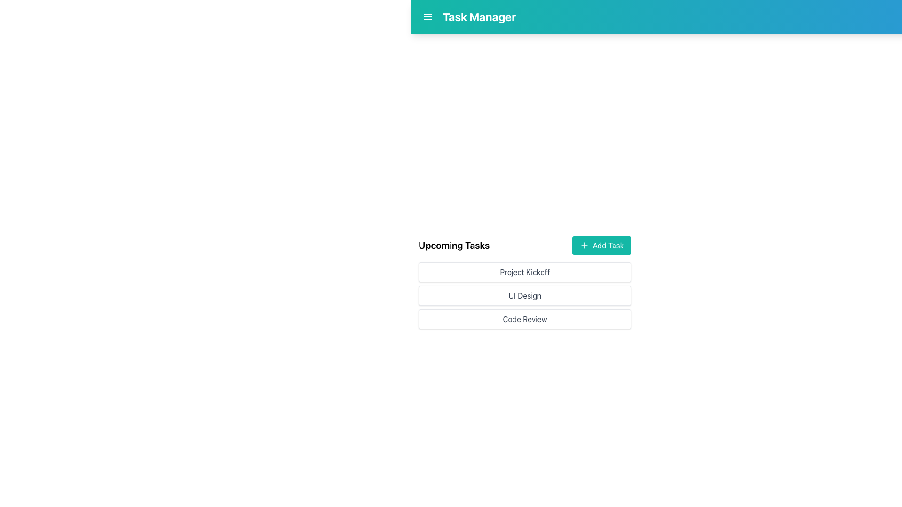 The image size is (902, 507). What do you see at coordinates (601, 245) in the screenshot?
I see `the 'Add Task' button with a teal background and white text to interact via keyboard` at bounding box center [601, 245].